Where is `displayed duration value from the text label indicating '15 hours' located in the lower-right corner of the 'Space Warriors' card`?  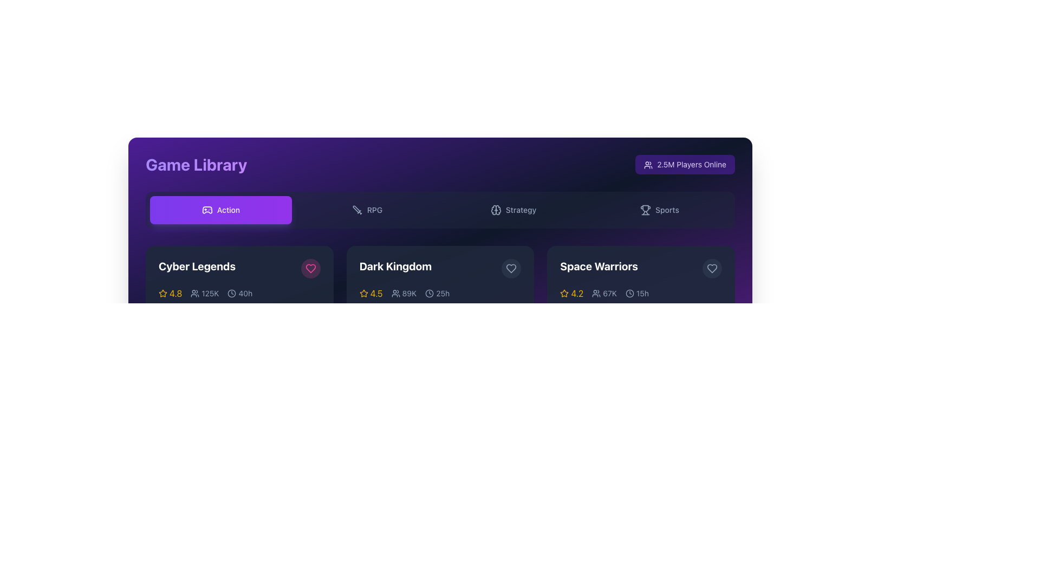 displayed duration value from the text label indicating '15 hours' located in the lower-right corner of the 'Space Warriors' card is located at coordinates (642, 294).